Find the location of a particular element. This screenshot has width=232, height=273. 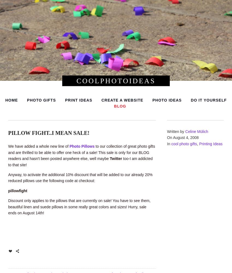

'pillowfight' is located at coordinates (17, 190).